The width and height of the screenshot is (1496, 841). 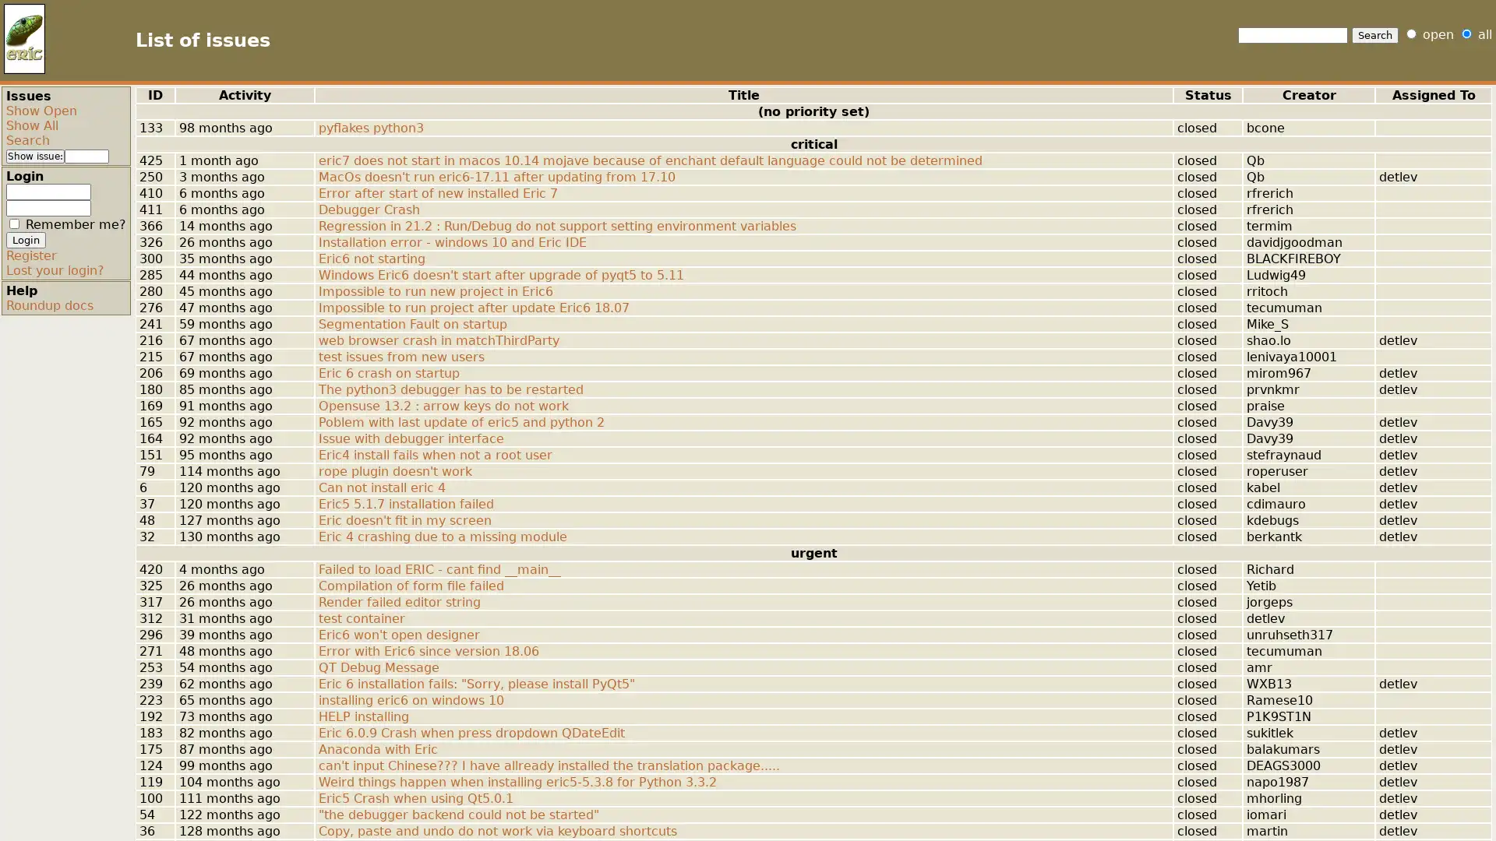 I want to click on Show issue:, so click(x=35, y=156).